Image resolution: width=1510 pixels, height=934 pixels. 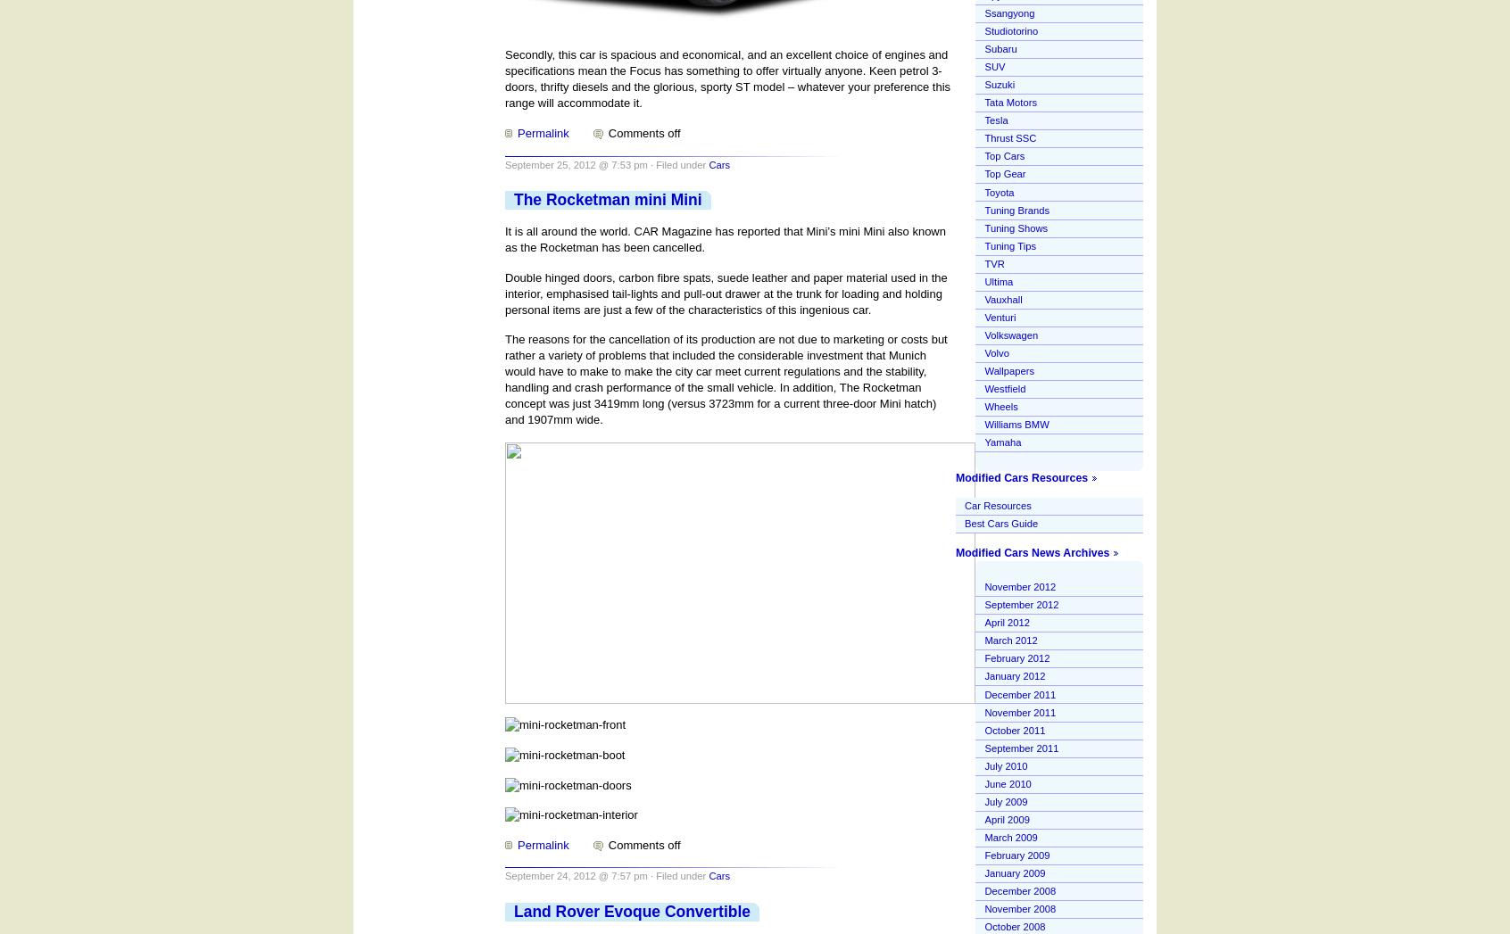 What do you see at coordinates (1009, 335) in the screenshot?
I see `'Volkswagen'` at bounding box center [1009, 335].